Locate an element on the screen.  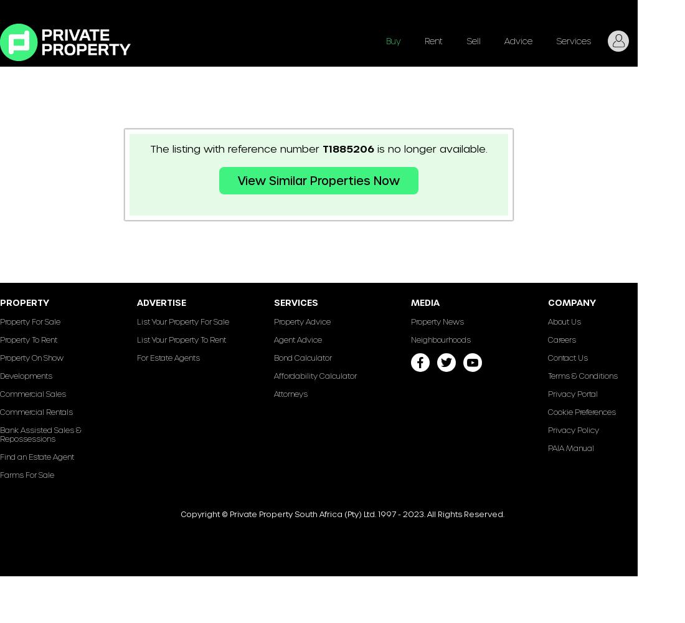
'Cookie Preferences' is located at coordinates (582, 412).